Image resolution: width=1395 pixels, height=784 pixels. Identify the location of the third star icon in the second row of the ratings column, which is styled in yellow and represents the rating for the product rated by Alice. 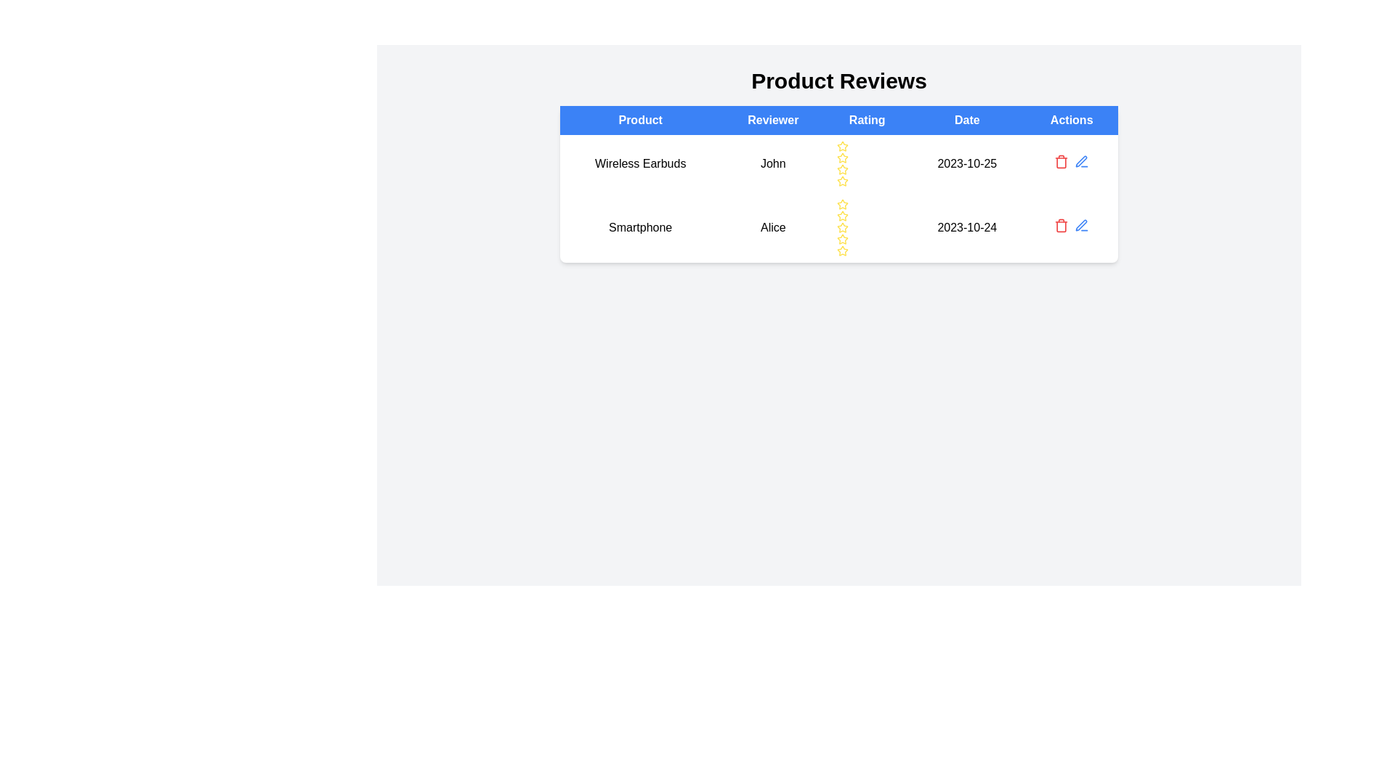
(843, 227).